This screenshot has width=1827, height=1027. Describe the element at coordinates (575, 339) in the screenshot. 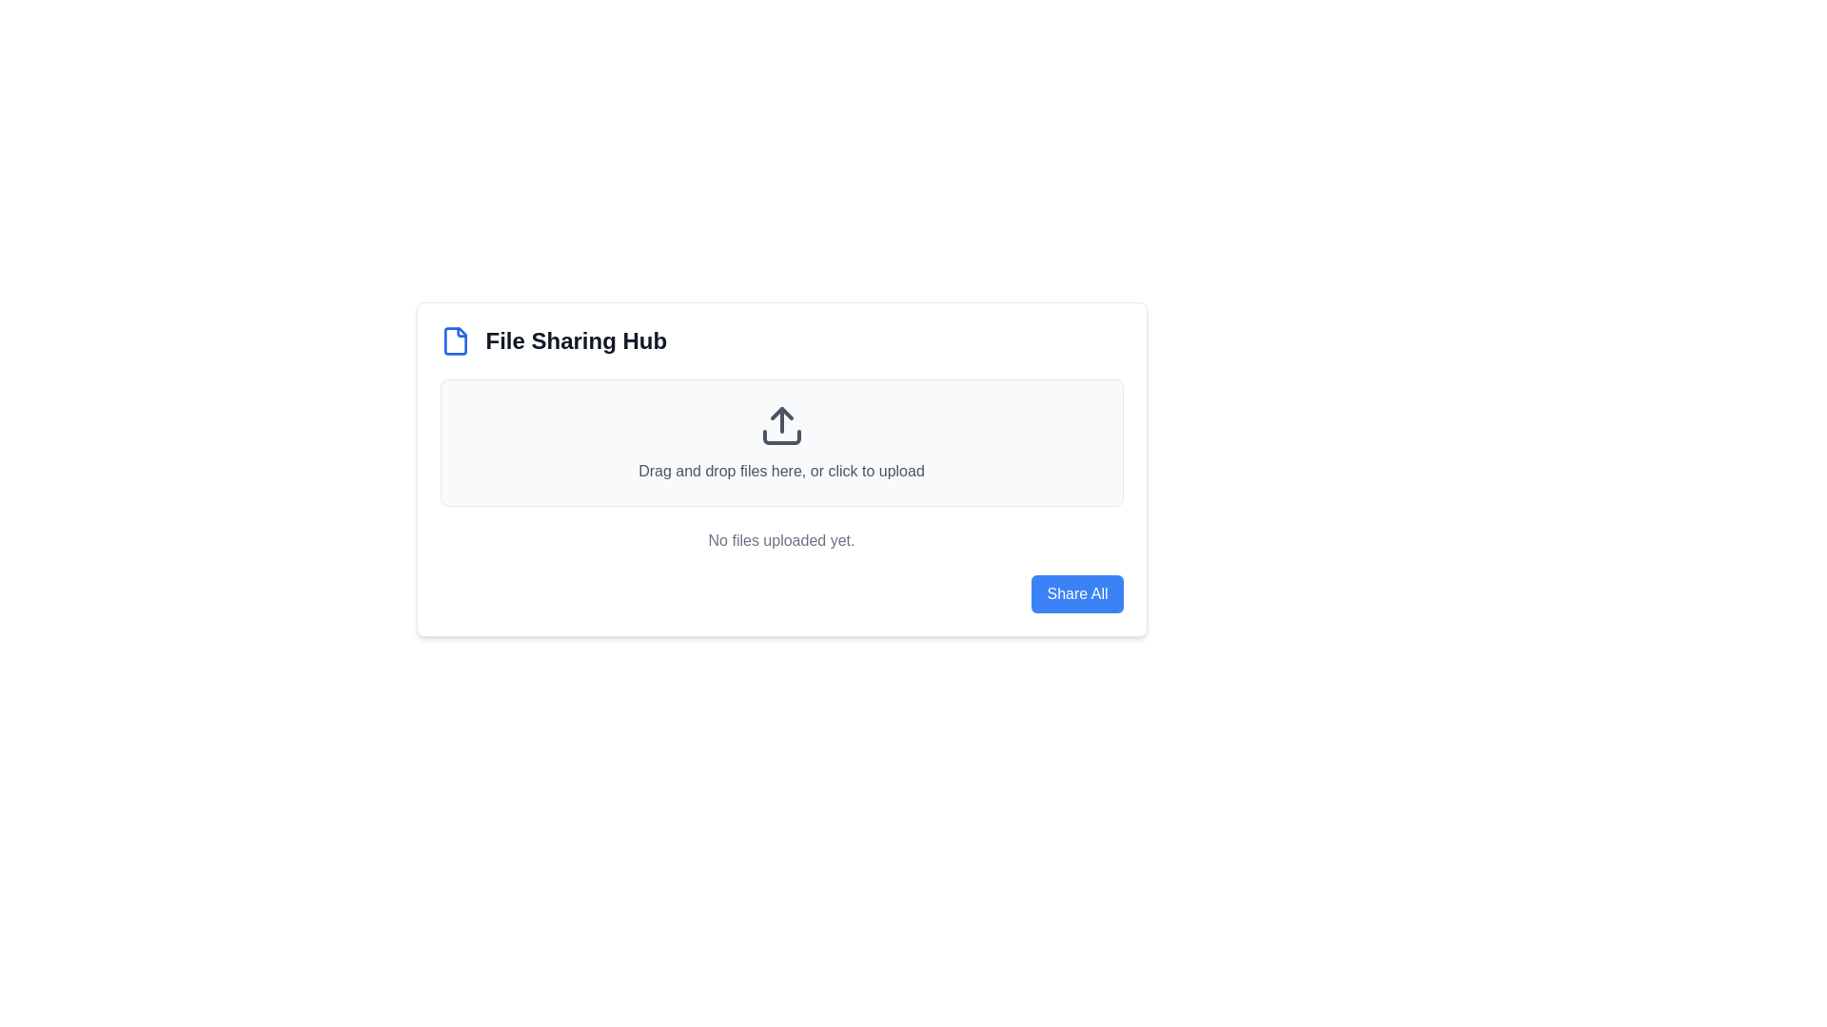

I see `the static text heading that serves as the title for the file-sharing interface, located to the right of a blue file icon at the top center of the page` at that location.